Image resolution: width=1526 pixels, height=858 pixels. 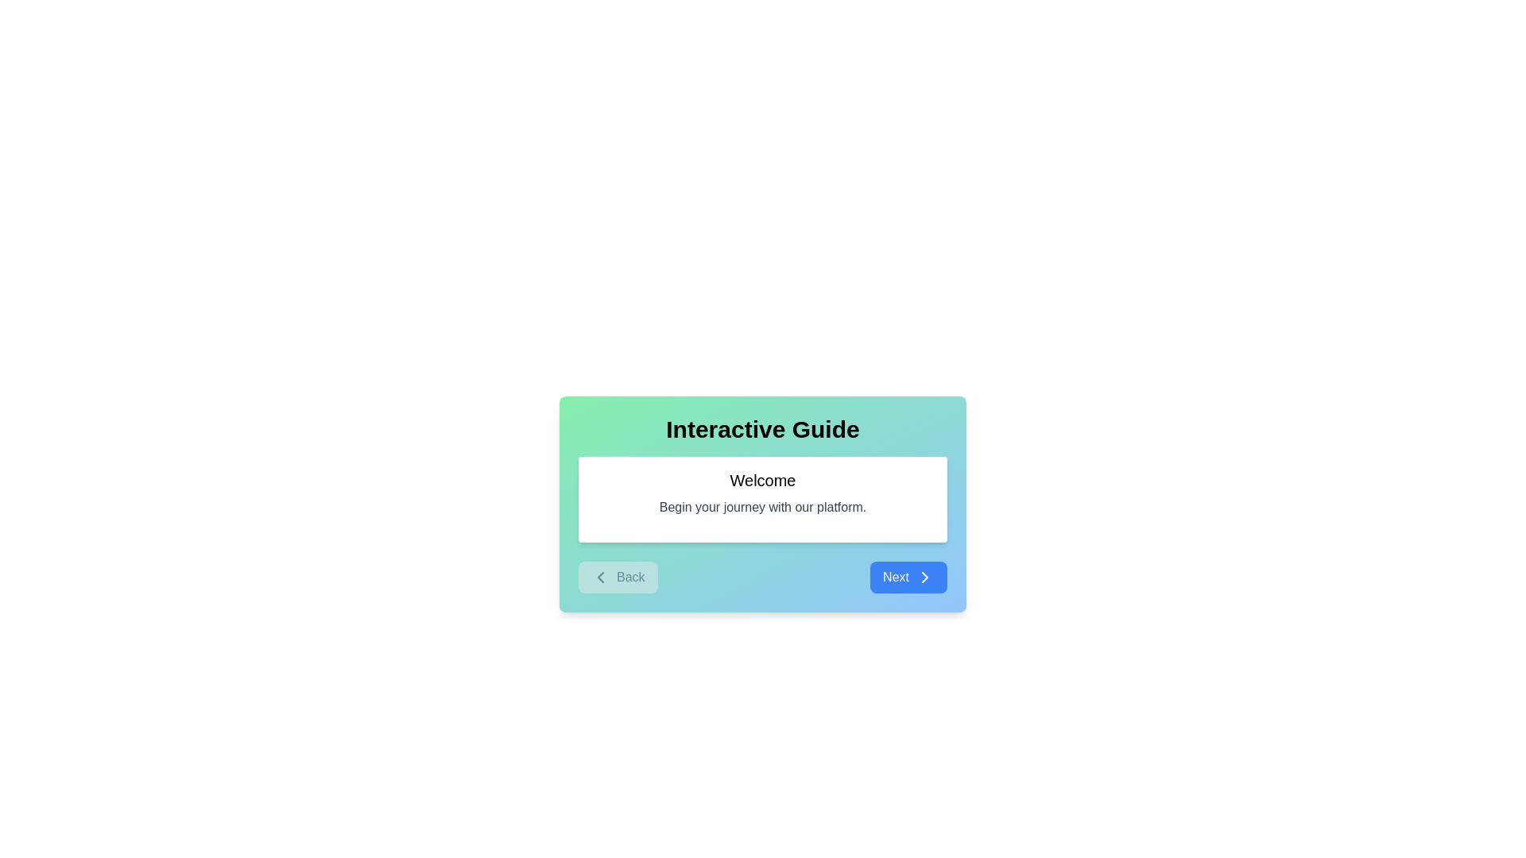 What do you see at coordinates (599, 577) in the screenshot?
I see `the left-pointing chevron icon located in the light gray rounded rectangle adjacent to the 'Back' text, indicating navigation support` at bounding box center [599, 577].